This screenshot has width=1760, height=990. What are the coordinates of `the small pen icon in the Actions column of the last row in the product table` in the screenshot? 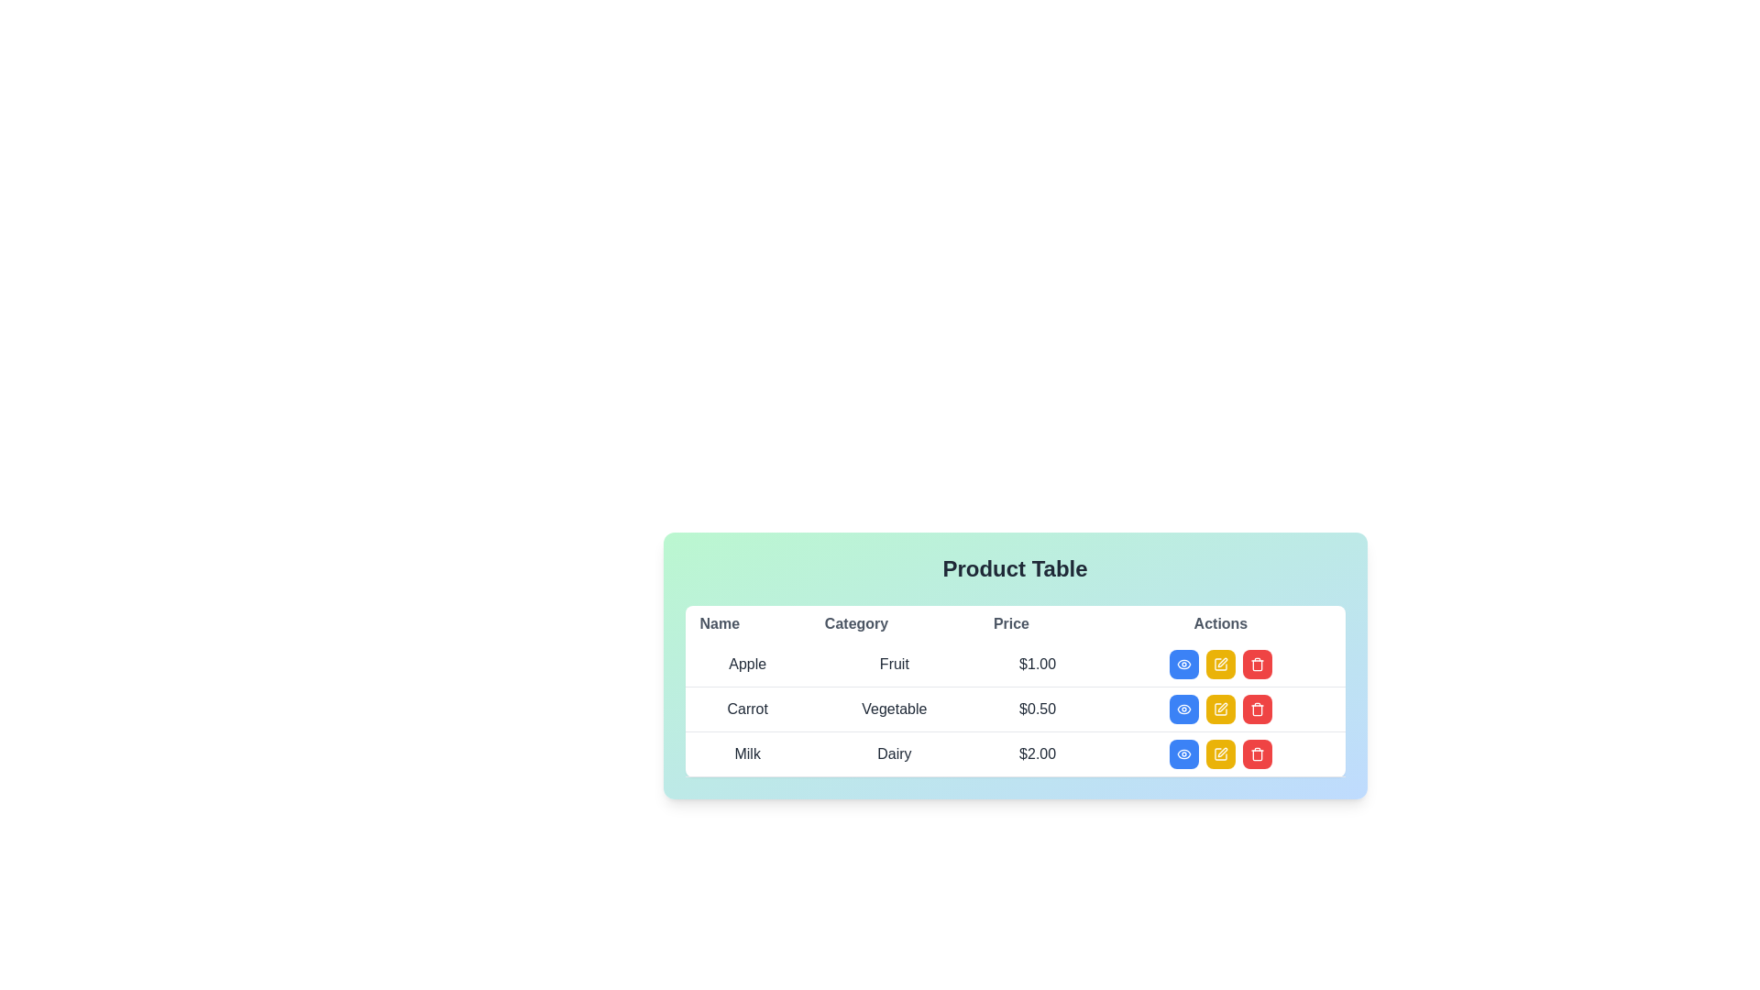 It's located at (1223, 662).